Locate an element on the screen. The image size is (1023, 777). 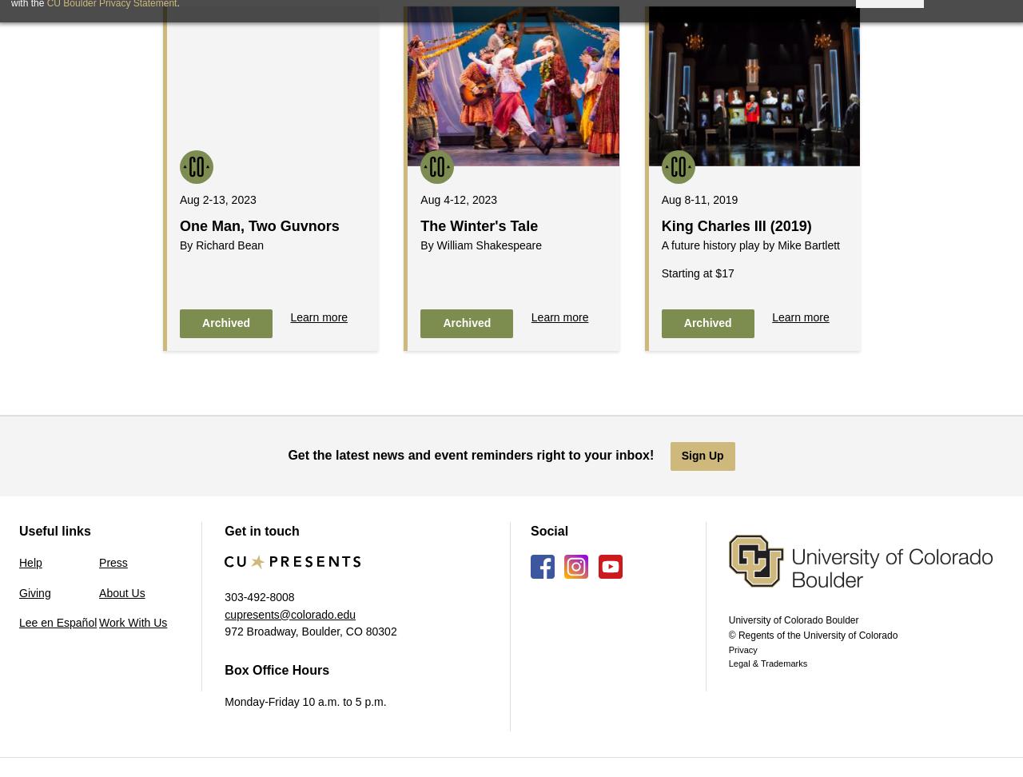
'Help' is located at coordinates (18, 561).